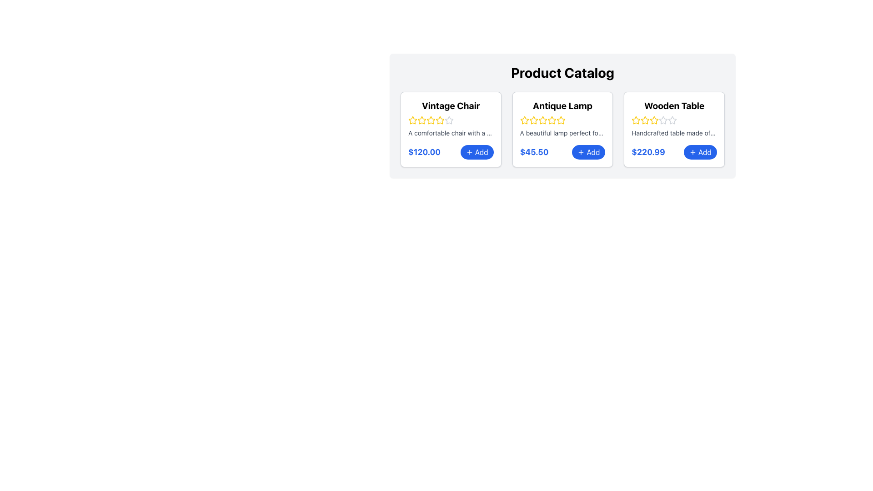  Describe the element at coordinates (551, 120) in the screenshot. I see `the filled yellow star icon representing the third star in the rating component for the 'Antique Lamp' product to set or adjust the rating` at that location.